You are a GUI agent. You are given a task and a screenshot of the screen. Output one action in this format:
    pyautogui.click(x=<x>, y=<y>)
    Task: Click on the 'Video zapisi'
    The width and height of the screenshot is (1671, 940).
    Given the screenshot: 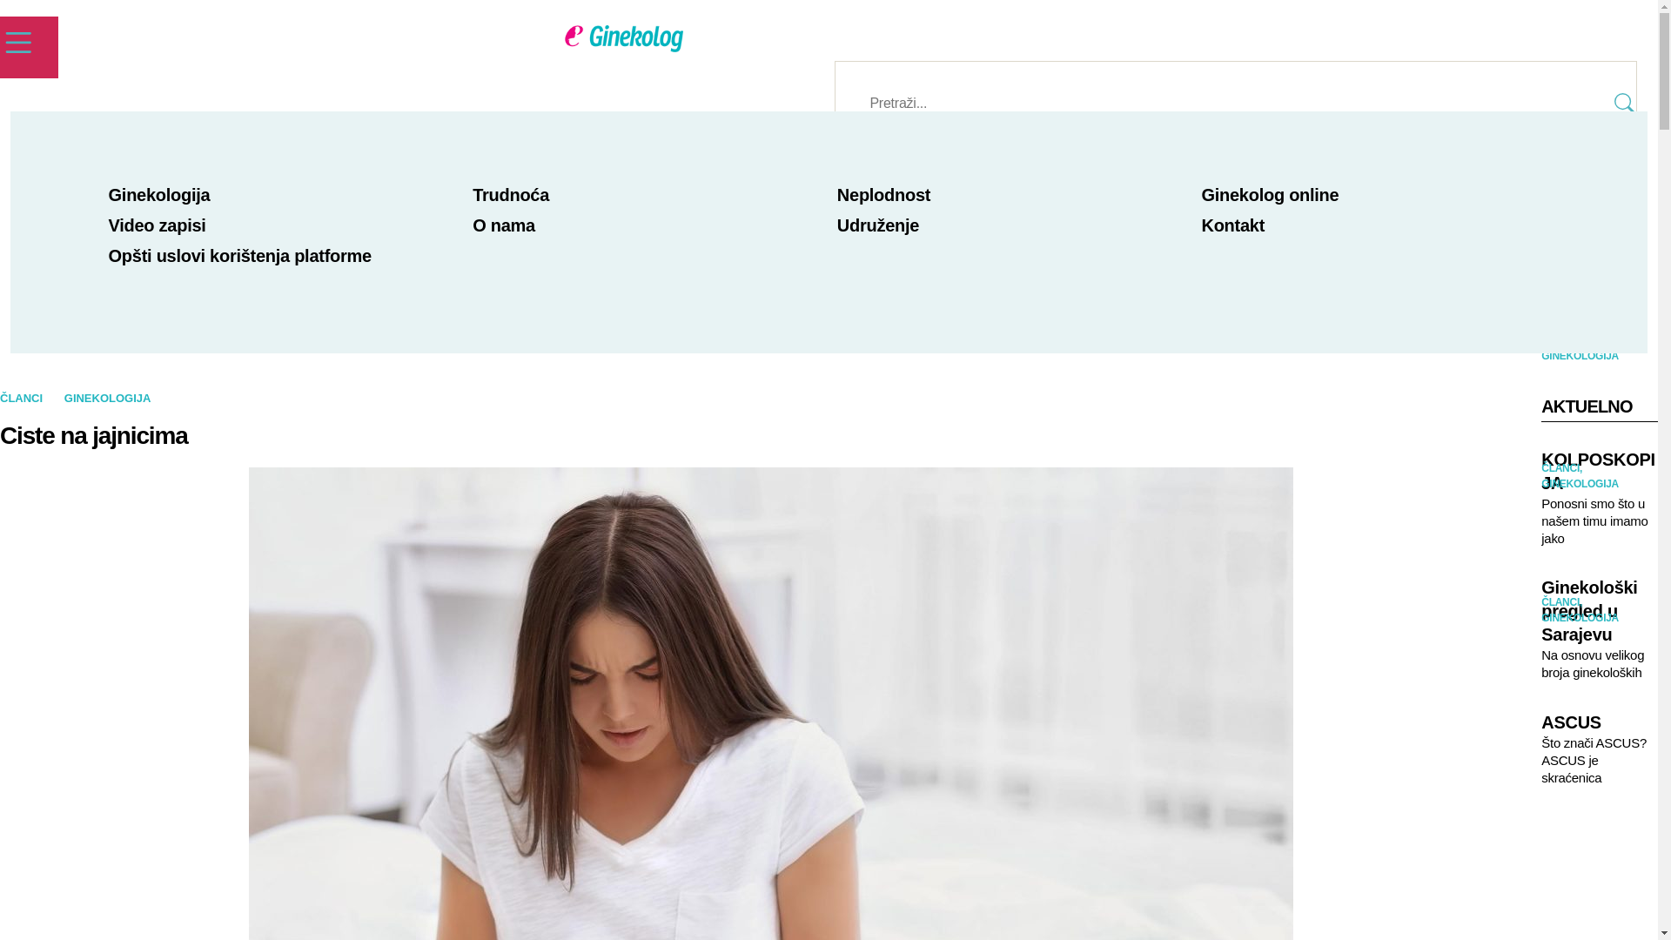 What is the action you would take?
    pyautogui.click(x=107, y=224)
    